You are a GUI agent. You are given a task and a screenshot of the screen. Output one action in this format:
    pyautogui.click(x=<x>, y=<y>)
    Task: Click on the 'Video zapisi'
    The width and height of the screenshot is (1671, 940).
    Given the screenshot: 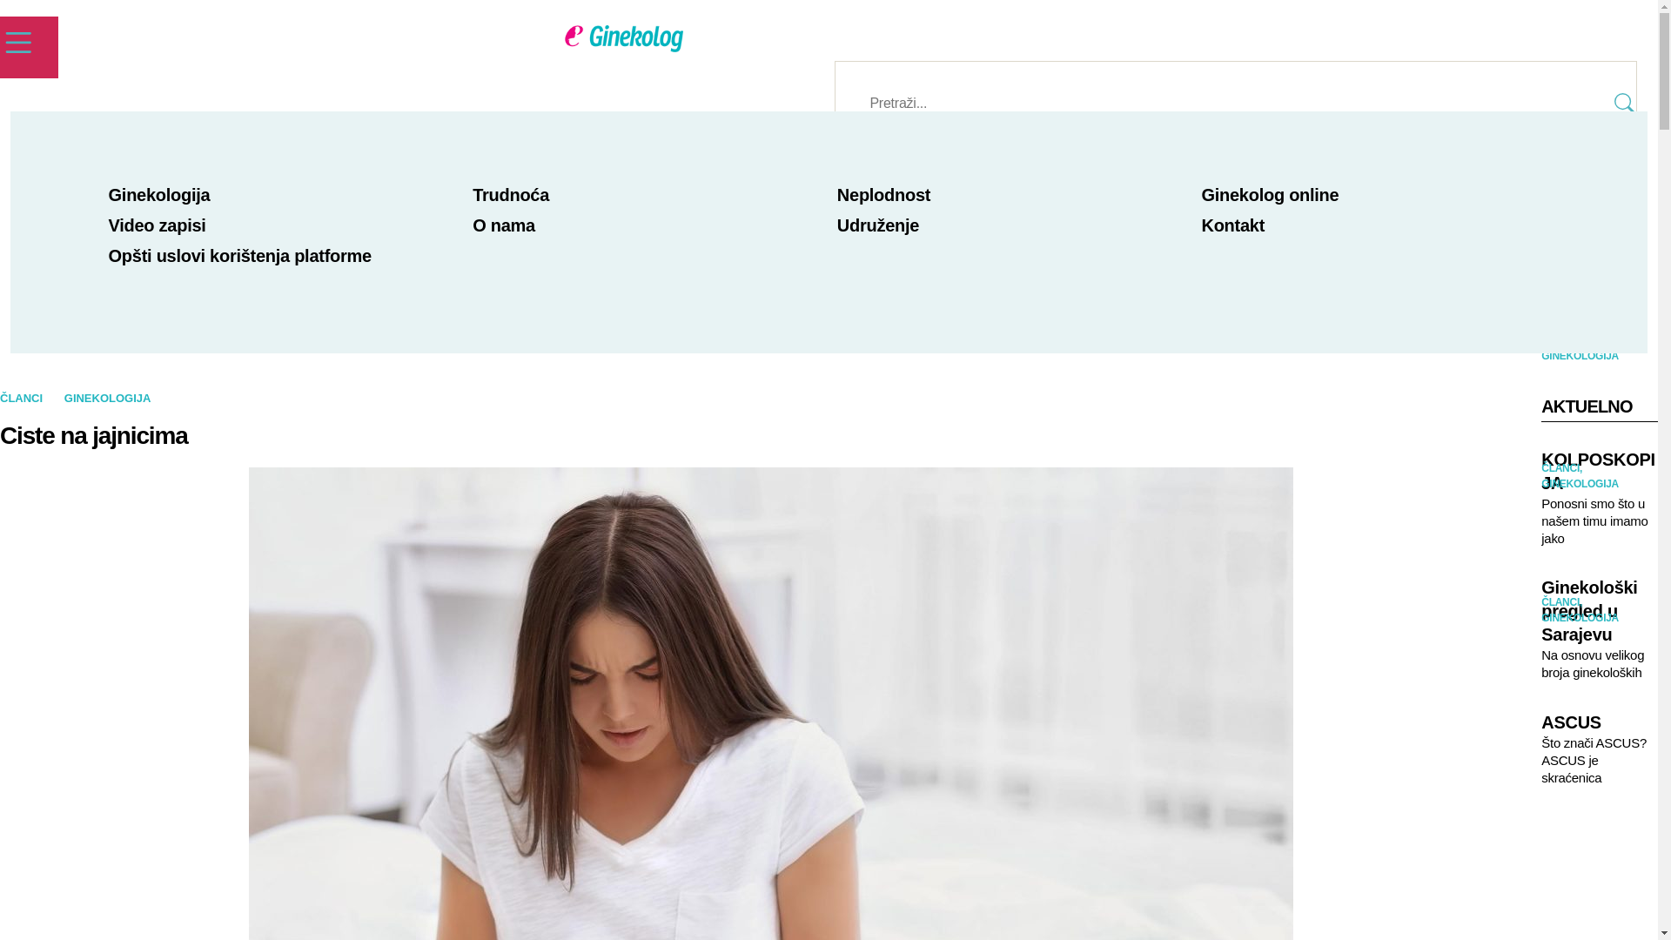 What is the action you would take?
    pyautogui.click(x=107, y=224)
    